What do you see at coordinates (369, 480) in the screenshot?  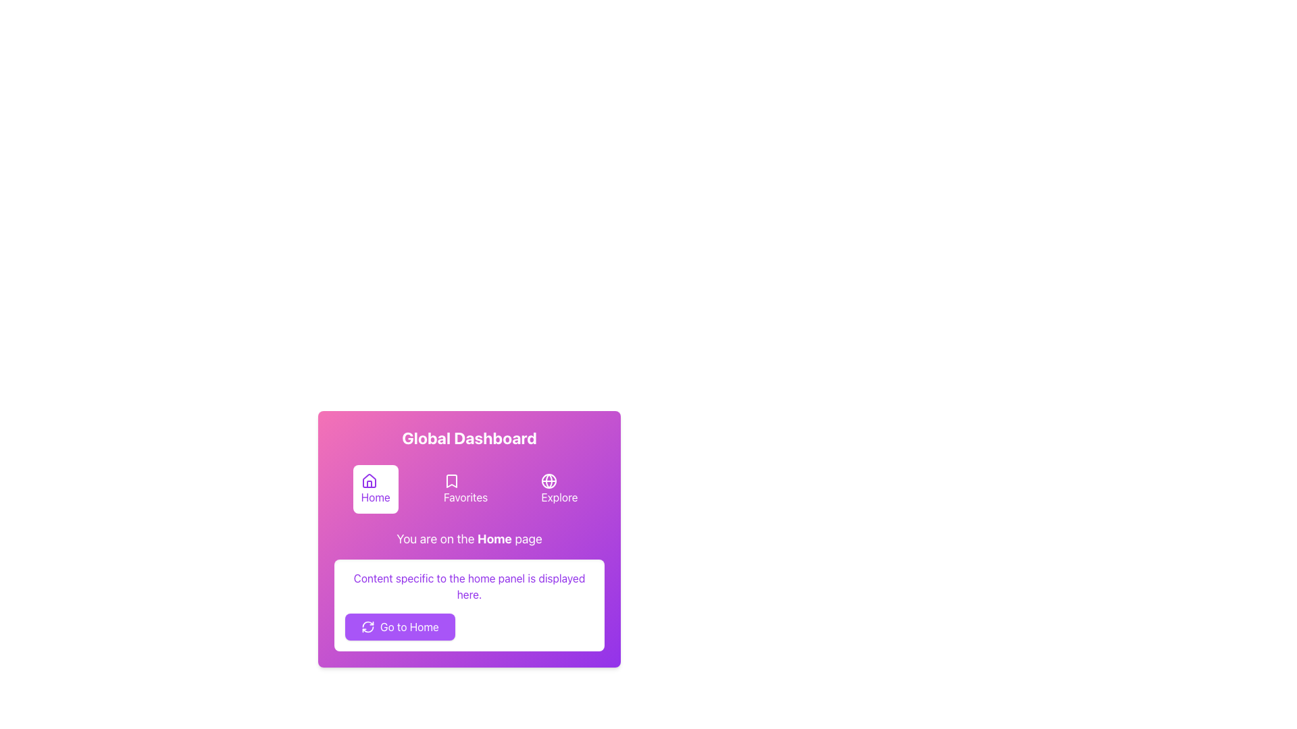 I see `the house outline icon within the 'Home' icon located in the top navigation of the Global Dashboard` at bounding box center [369, 480].